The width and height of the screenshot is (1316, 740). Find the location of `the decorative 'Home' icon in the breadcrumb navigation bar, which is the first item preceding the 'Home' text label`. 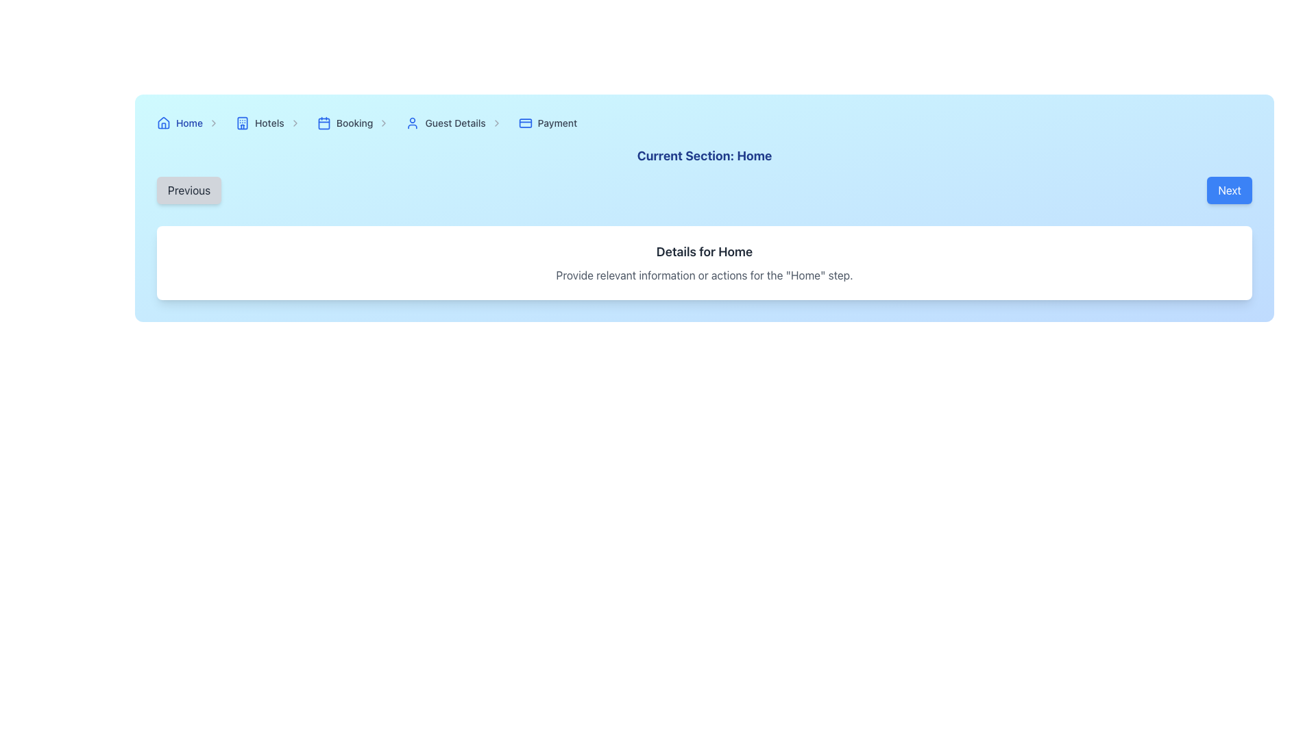

the decorative 'Home' icon in the breadcrumb navigation bar, which is the first item preceding the 'Home' text label is located at coordinates (164, 123).